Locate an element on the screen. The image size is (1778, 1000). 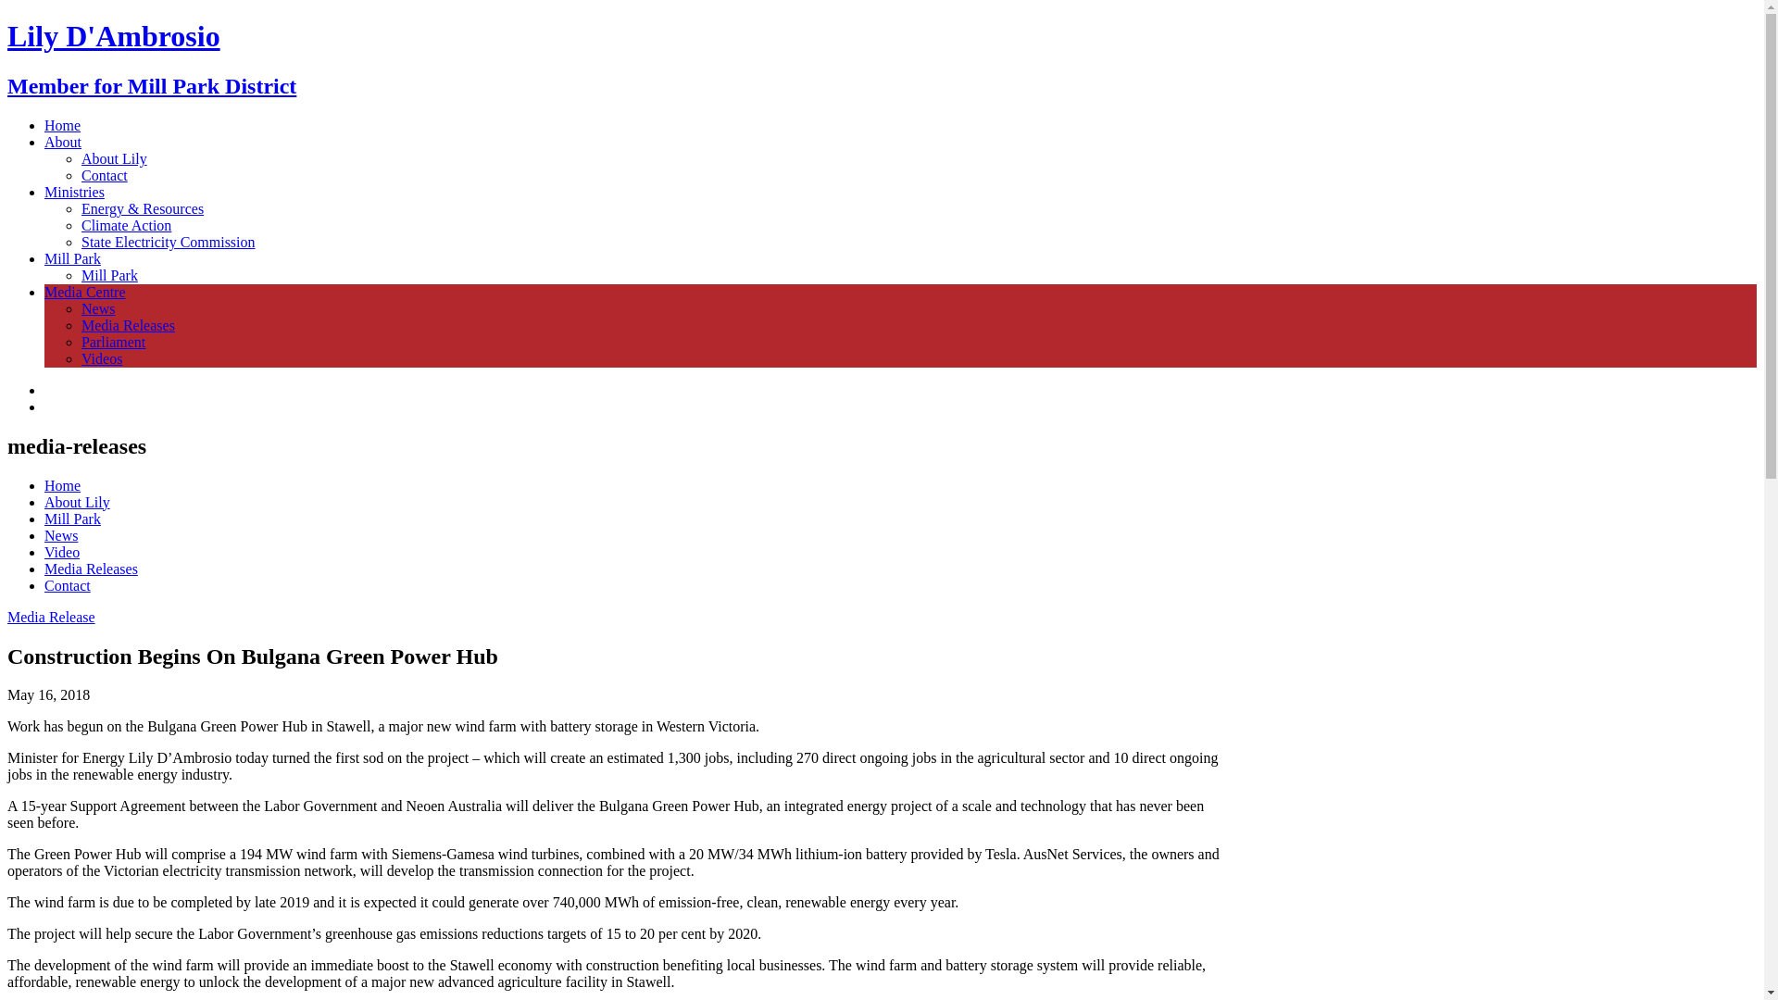
'Media Release' is located at coordinates (51, 617).